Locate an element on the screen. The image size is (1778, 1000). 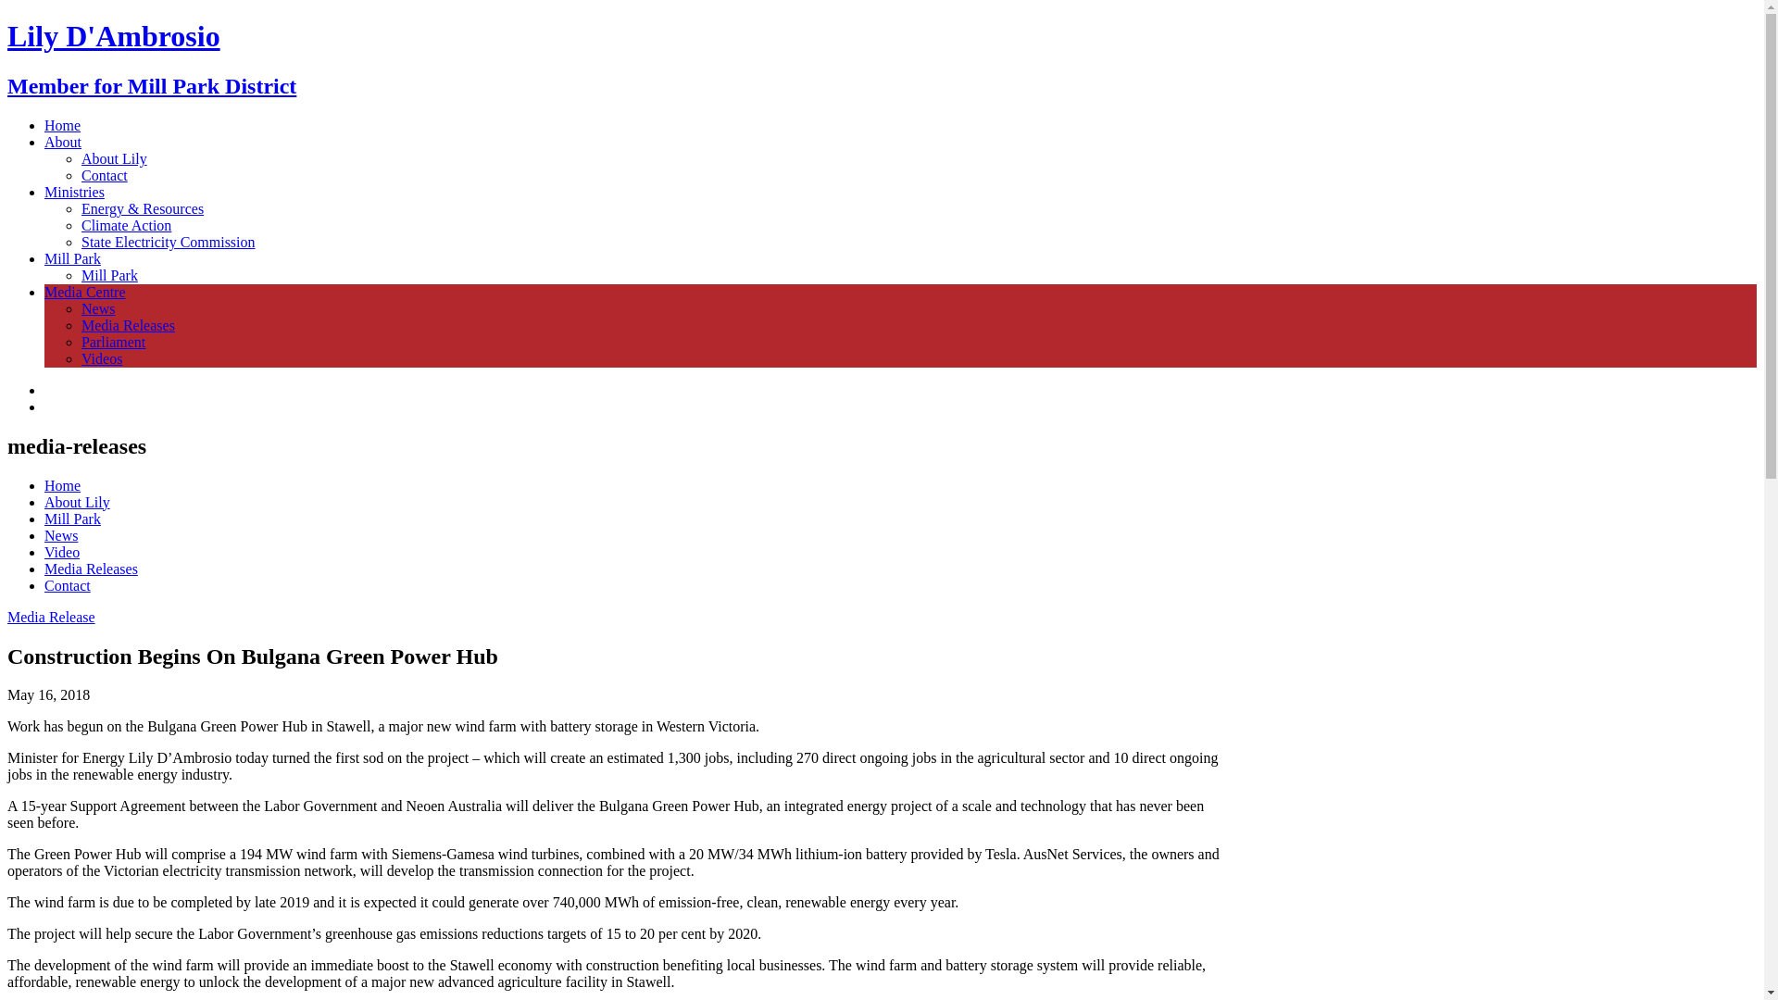
'Media Release' is located at coordinates (51, 617).